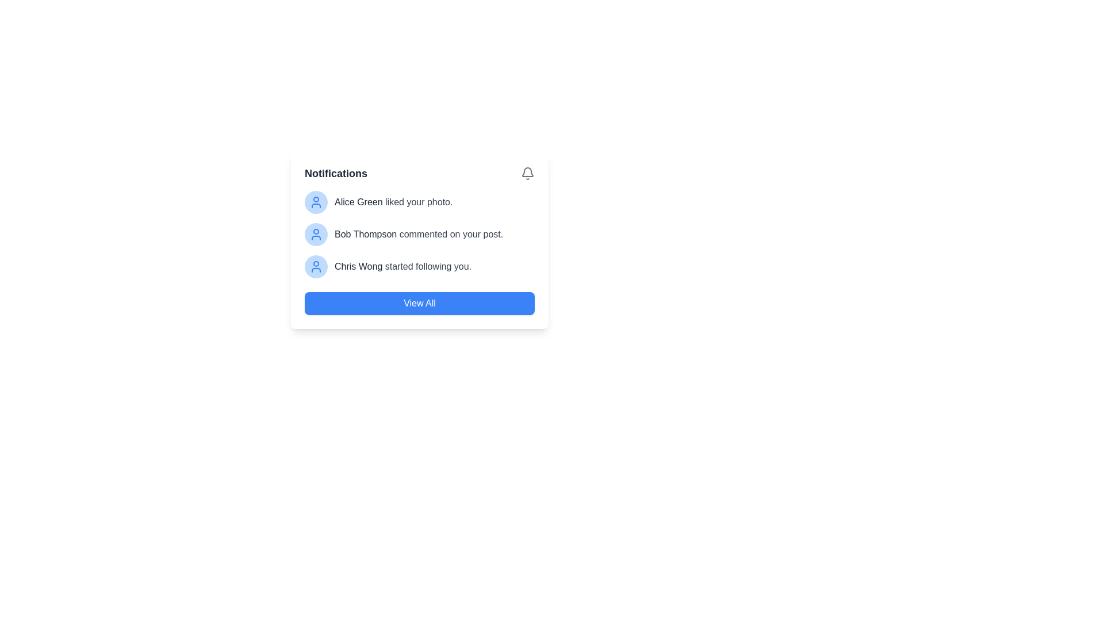 This screenshot has width=1104, height=621. What do you see at coordinates (335, 173) in the screenshot?
I see `the 'Notifications' text label, which is a bold, dark gray label located at the top-left of the notification panel` at bounding box center [335, 173].